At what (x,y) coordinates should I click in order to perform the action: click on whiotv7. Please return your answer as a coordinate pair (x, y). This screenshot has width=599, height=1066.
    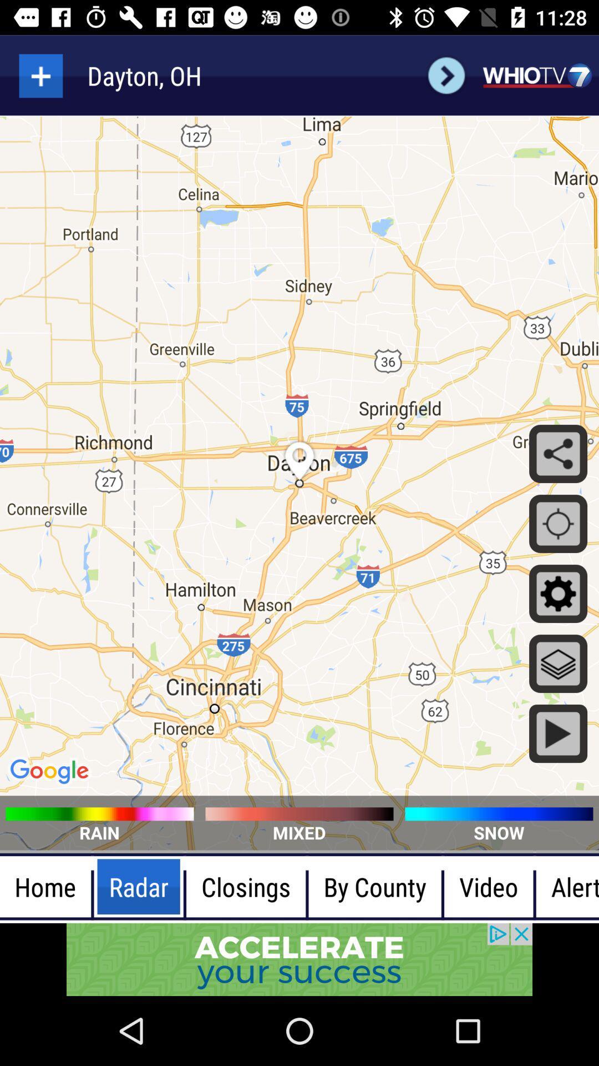
    Looking at the image, I should click on (536, 75).